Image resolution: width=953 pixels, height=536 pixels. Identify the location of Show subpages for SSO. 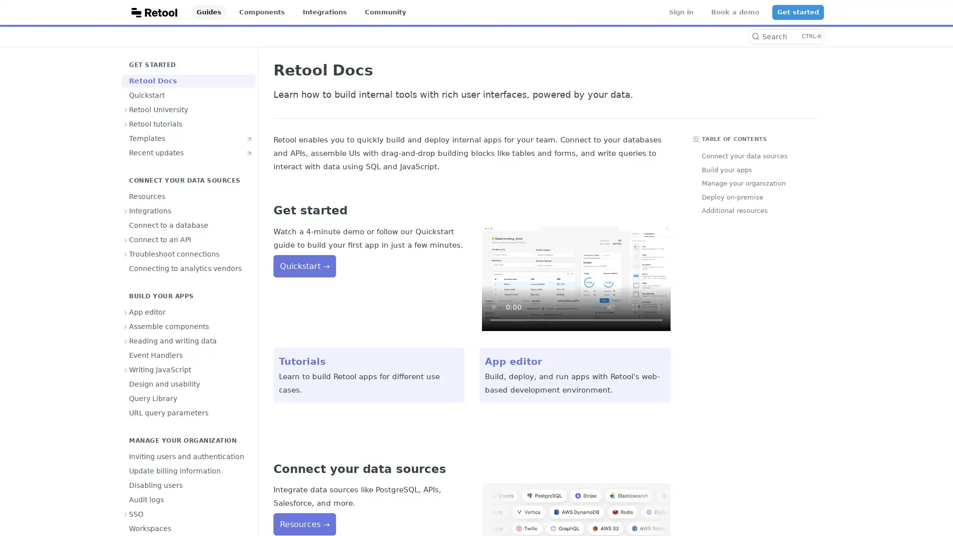
(126, 514).